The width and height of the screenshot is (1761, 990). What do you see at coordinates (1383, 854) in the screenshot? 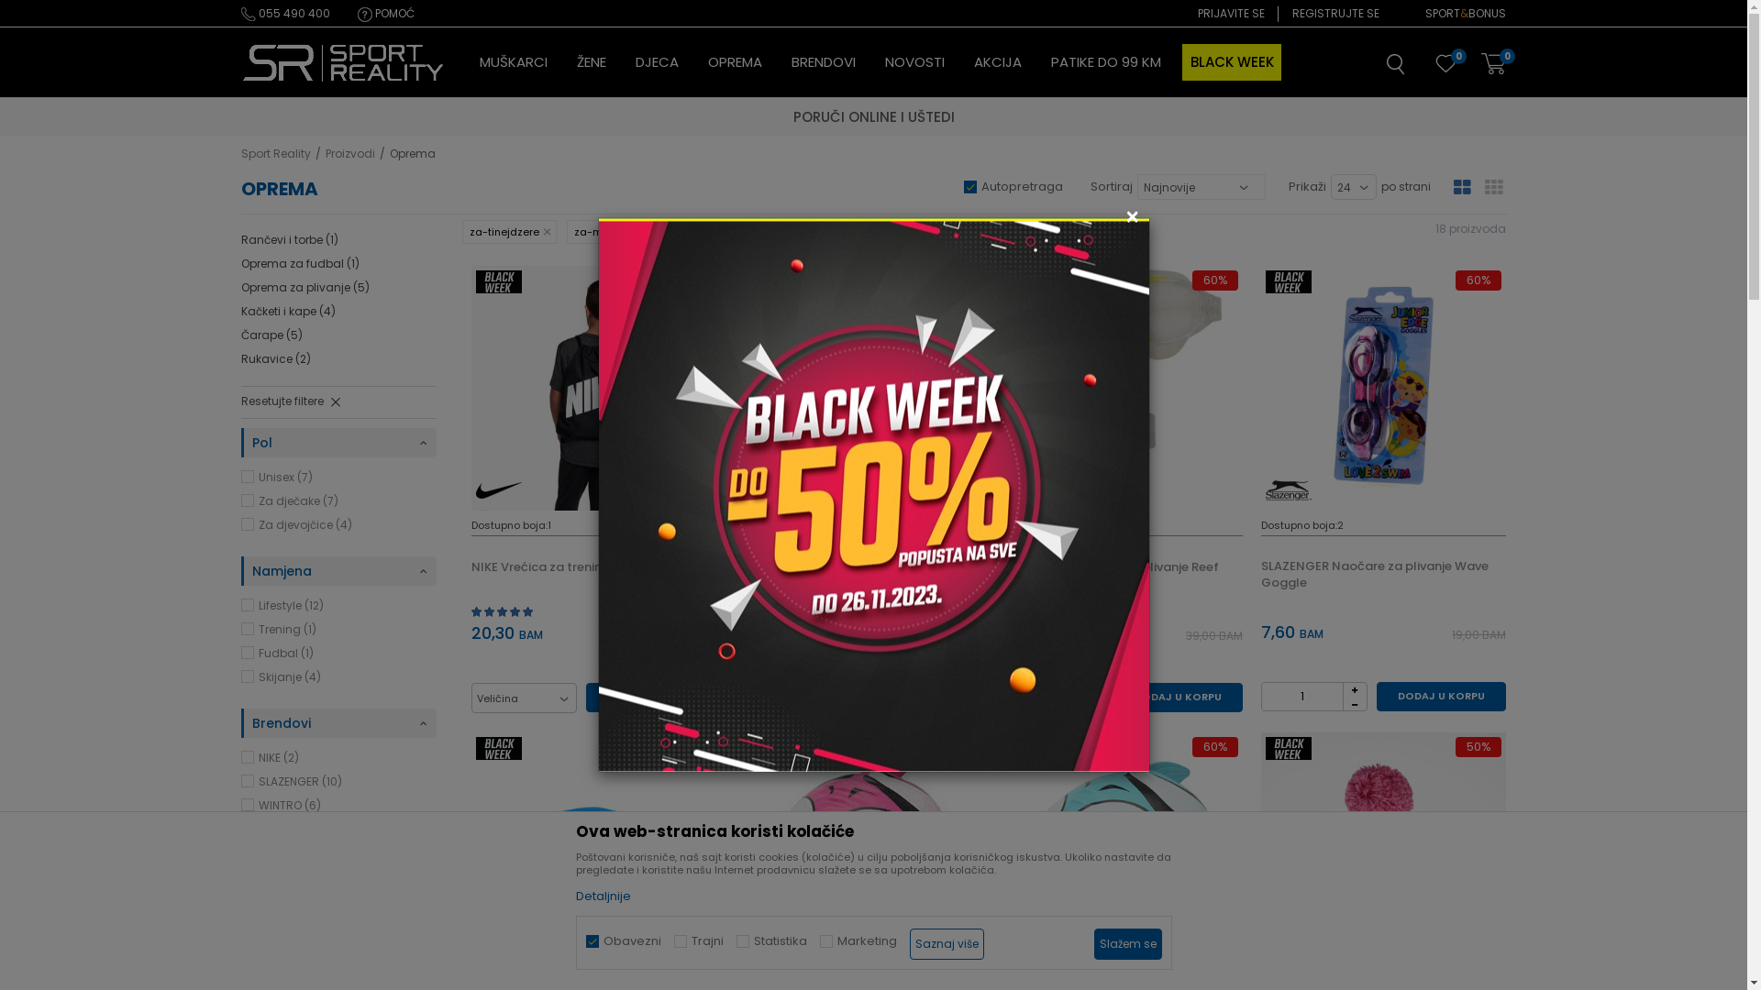
I see `'WINTRO Kapa Fuze Beanie '` at bounding box center [1383, 854].